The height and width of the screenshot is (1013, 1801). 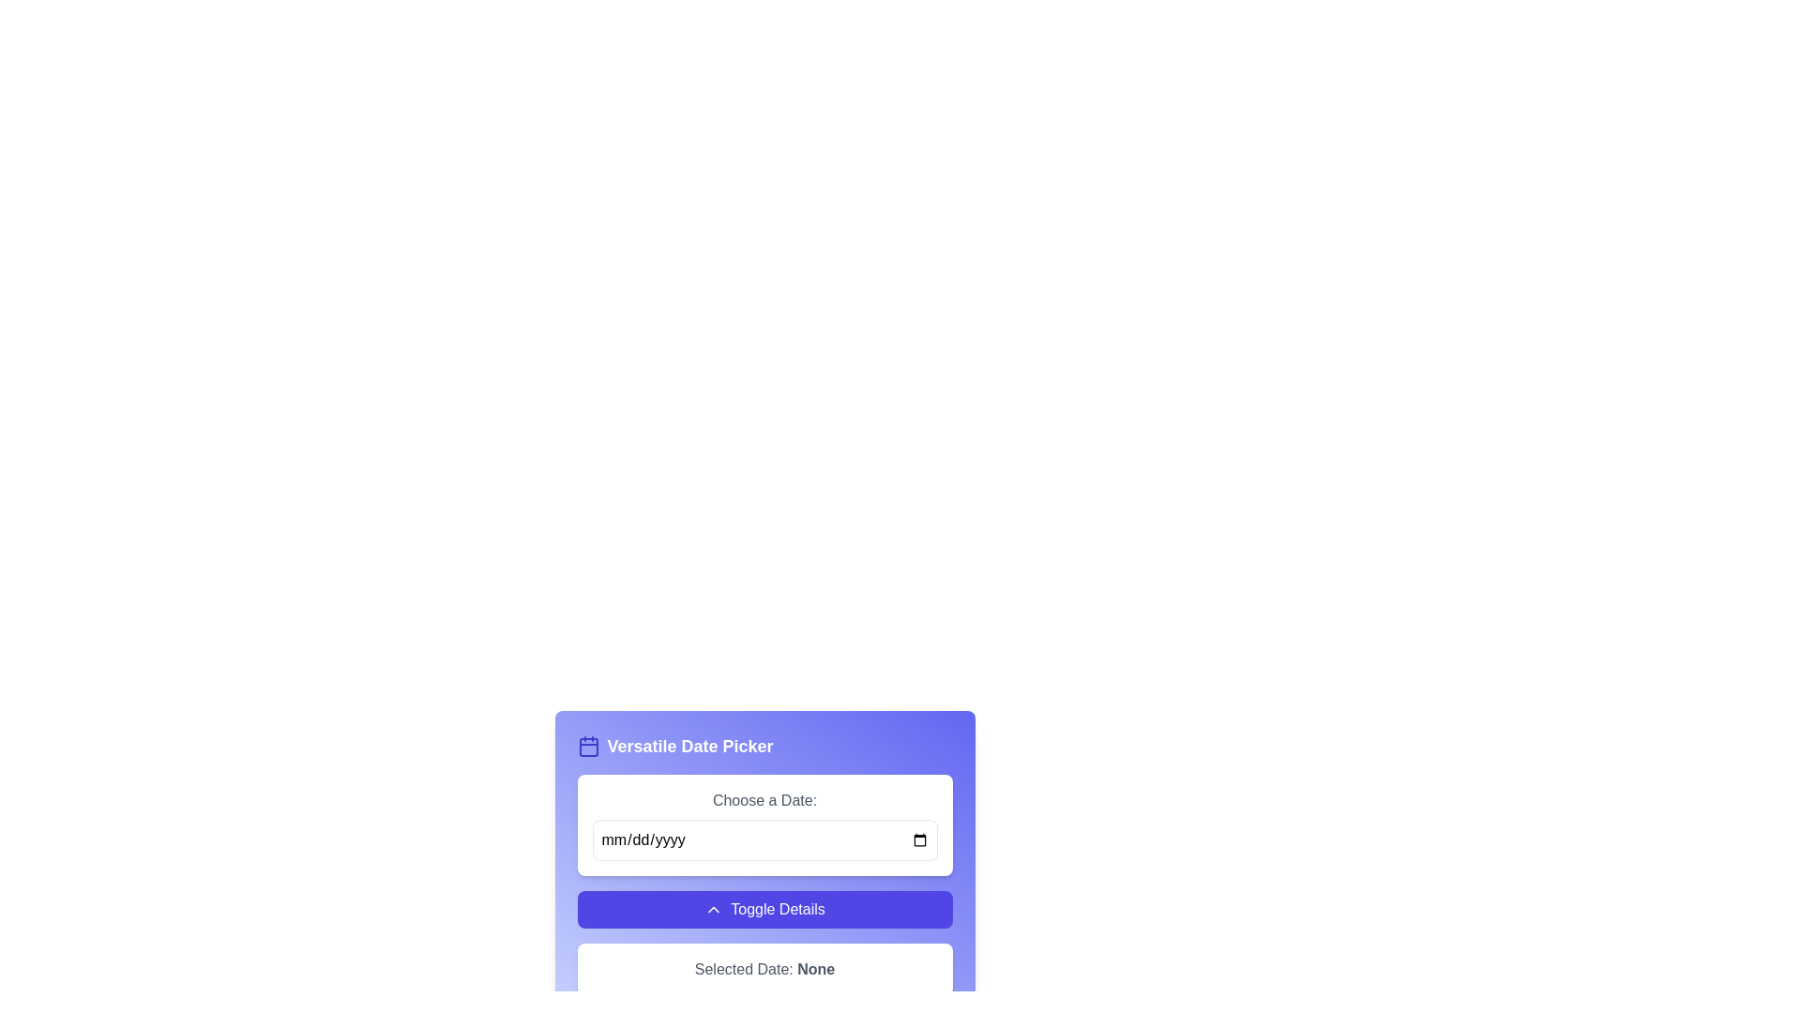 I want to click on text content of the label above the date input field in the 'Versatile Date Picker' section, which provides an instruction for selecting a date, so click(x=764, y=800).